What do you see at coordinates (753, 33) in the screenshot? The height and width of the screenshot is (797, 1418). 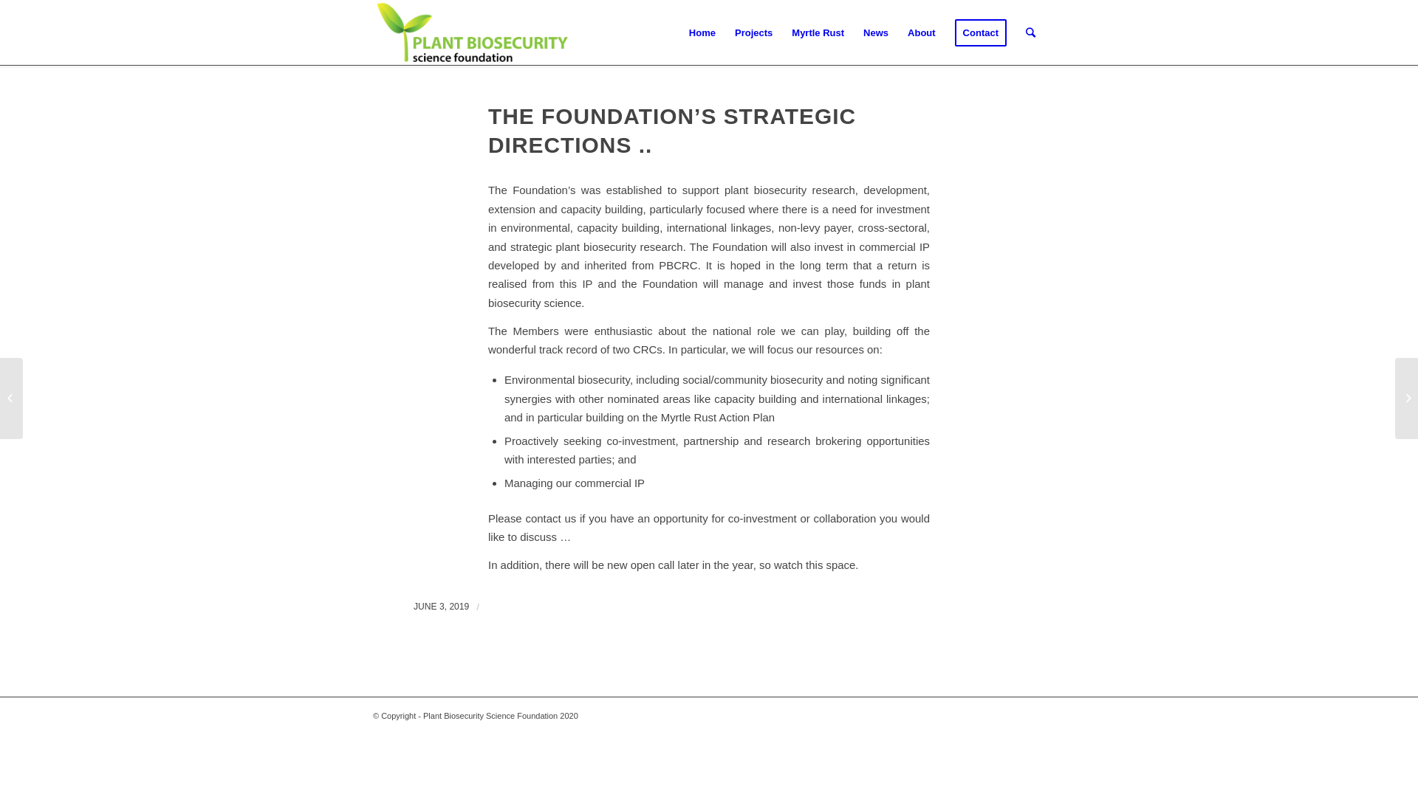 I see `'Projects'` at bounding box center [753, 33].